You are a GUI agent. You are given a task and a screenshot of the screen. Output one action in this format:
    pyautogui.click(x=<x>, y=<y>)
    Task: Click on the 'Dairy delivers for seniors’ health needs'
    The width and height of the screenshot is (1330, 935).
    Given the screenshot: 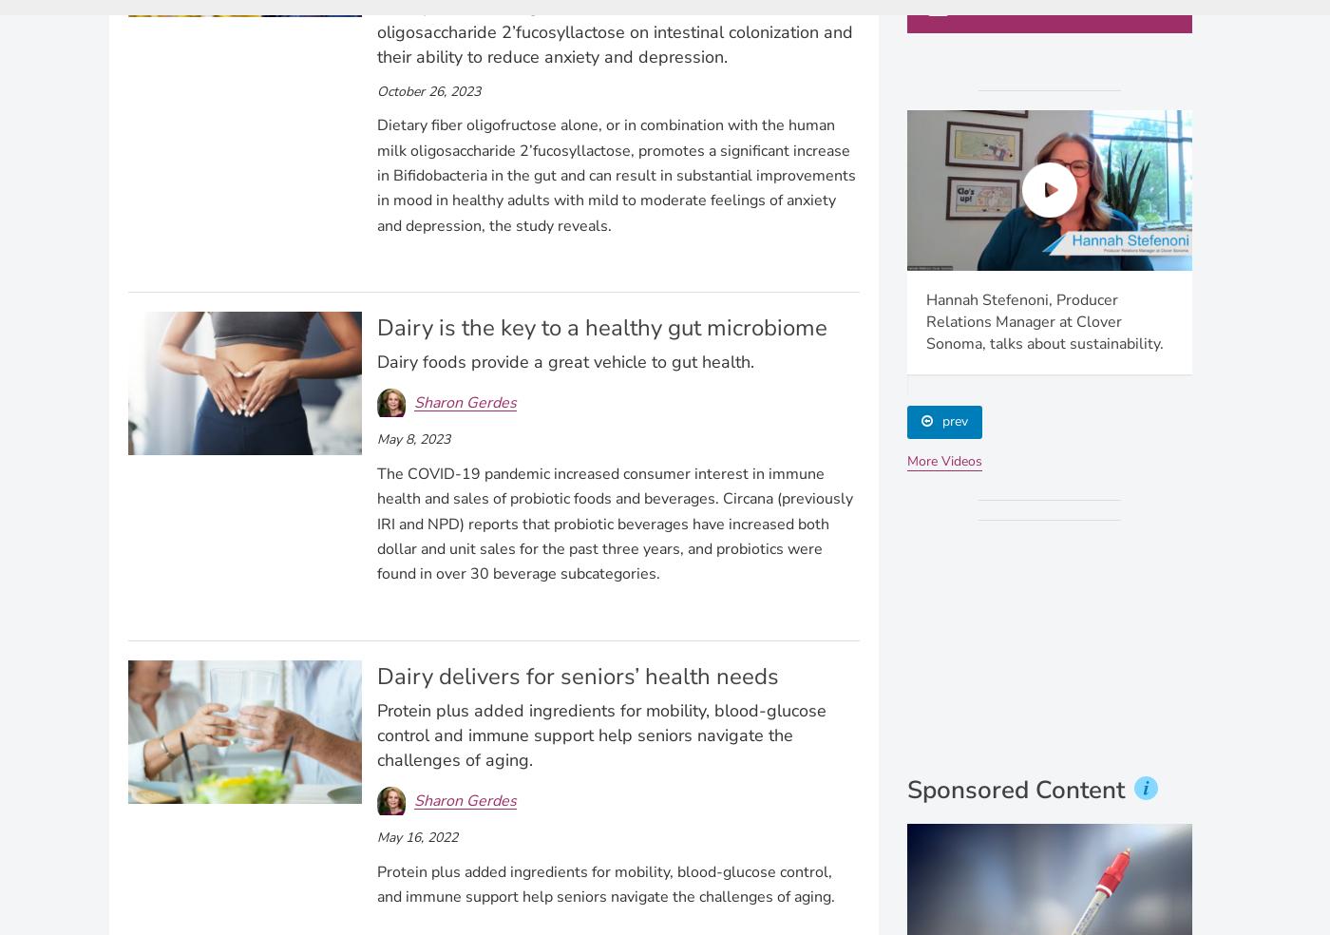 What is the action you would take?
    pyautogui.click(x=577, y=677)
    